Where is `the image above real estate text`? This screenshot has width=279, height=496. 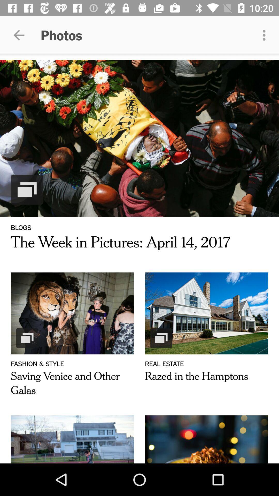 the image above real estate text is located at coordinates (206, 313).